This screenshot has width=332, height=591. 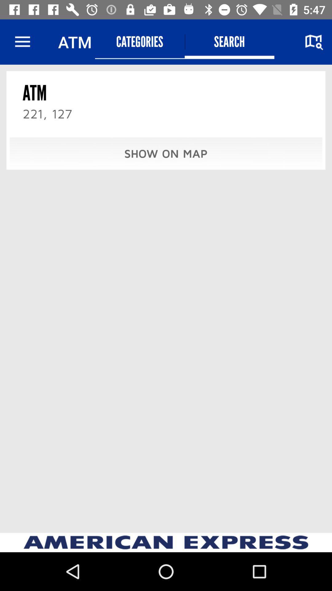 I want to click on the search item, so click(x=229, y=42).